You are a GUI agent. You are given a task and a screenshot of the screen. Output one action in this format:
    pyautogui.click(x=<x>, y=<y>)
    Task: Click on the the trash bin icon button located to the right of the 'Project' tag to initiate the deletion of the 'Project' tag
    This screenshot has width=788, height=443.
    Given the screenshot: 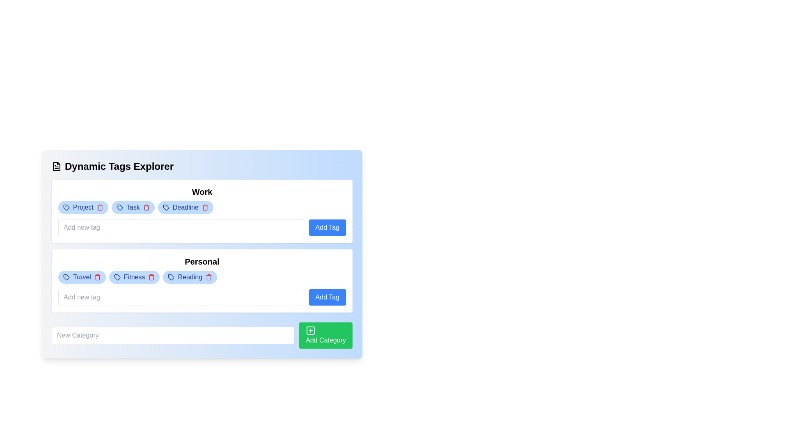 What is the action you would take?
    pyautogui.click(x=99, y=207)
    